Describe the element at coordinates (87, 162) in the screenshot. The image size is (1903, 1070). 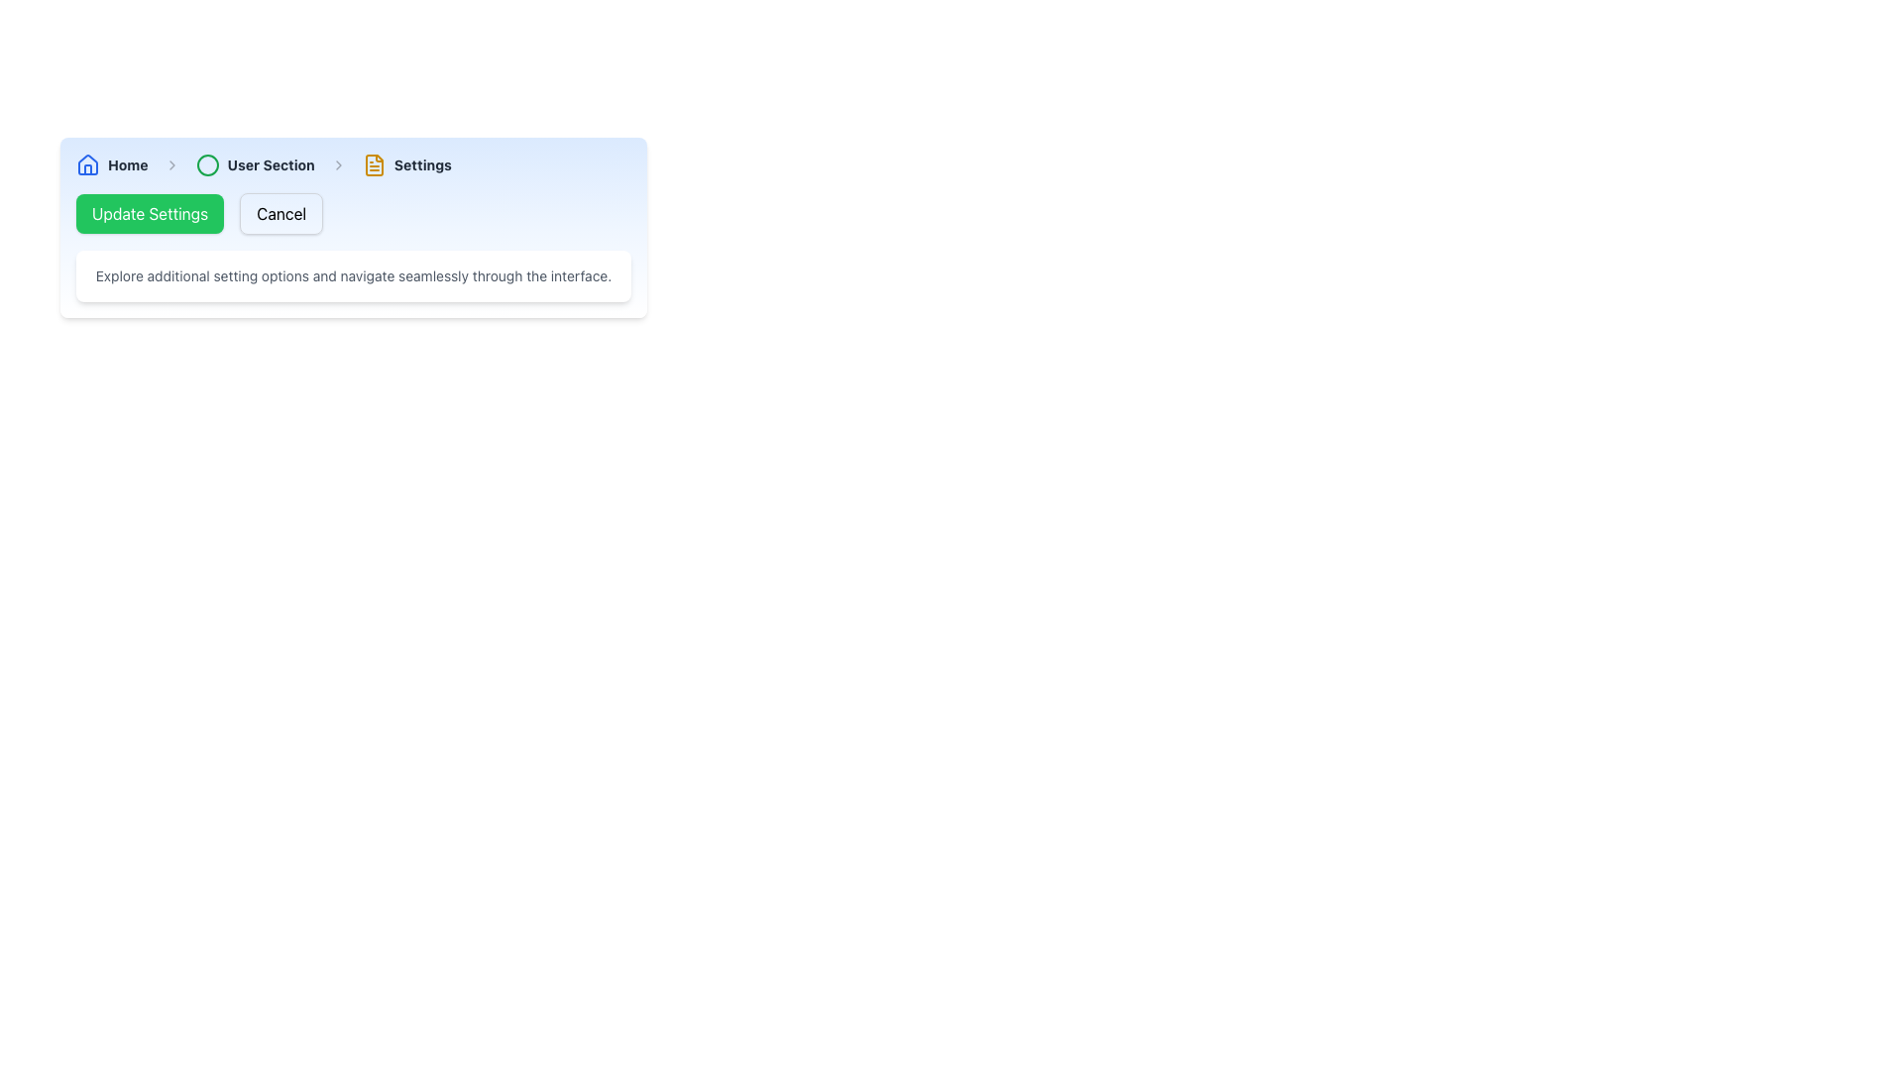
I see `the Home icon in the breadcrumb navigation bar` at that location.